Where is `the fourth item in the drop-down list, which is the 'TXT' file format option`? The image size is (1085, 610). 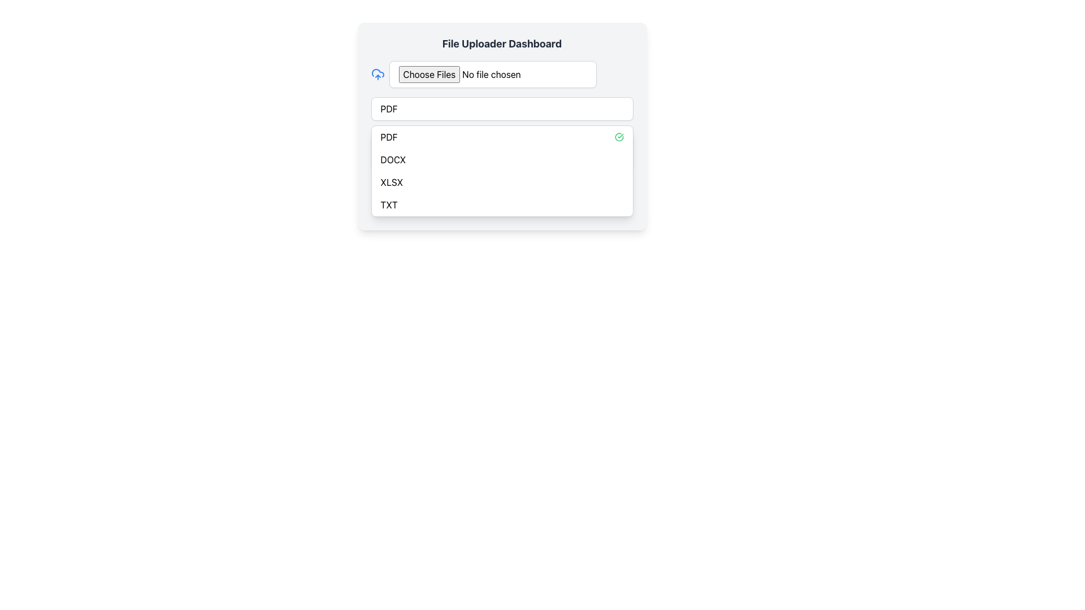
the fourth item in the drop-down list, which is the 'TXT' file format option is located at coordinates (389, 204).